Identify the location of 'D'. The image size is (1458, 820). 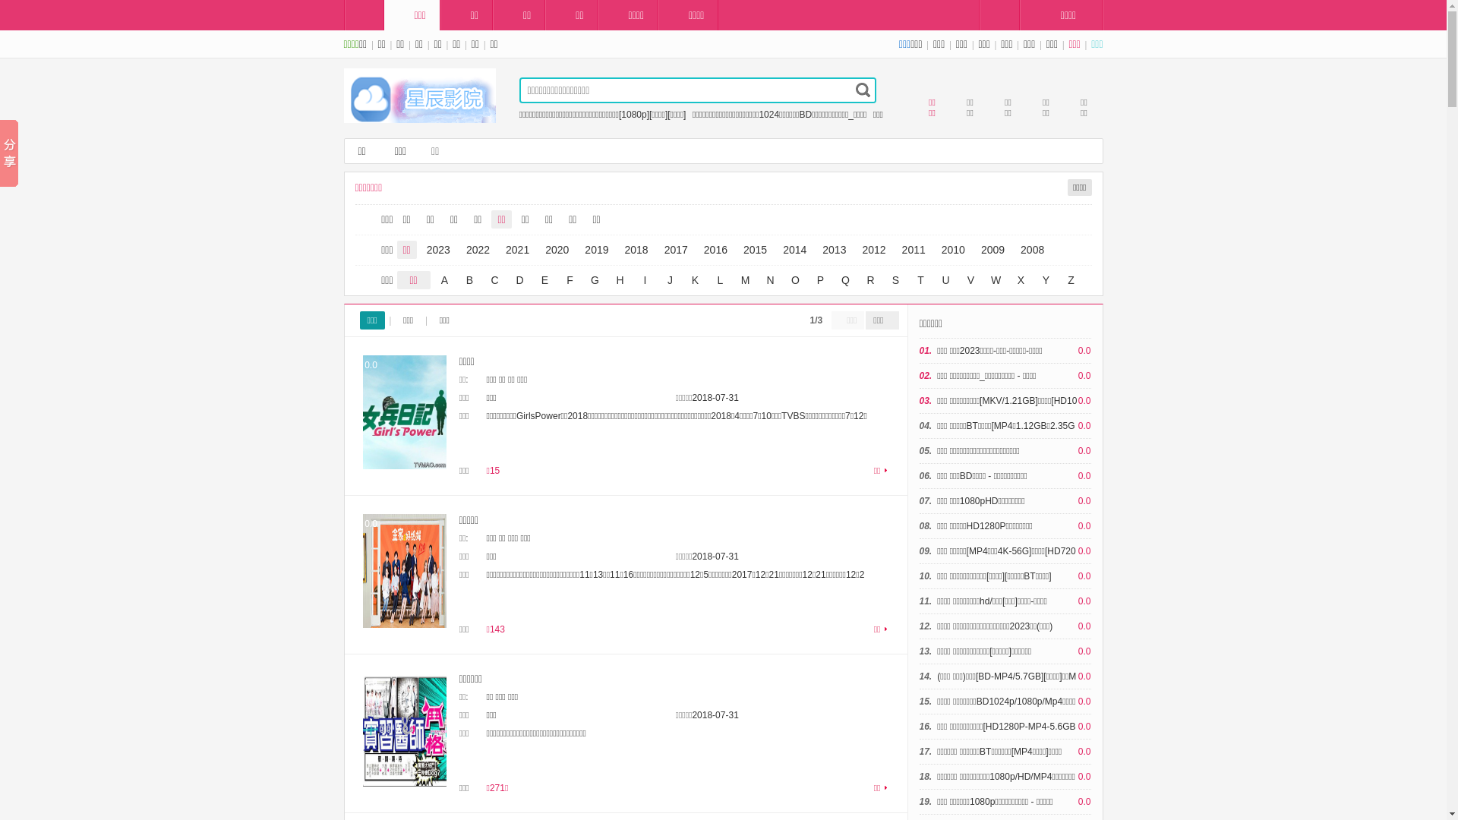
(519, 280).